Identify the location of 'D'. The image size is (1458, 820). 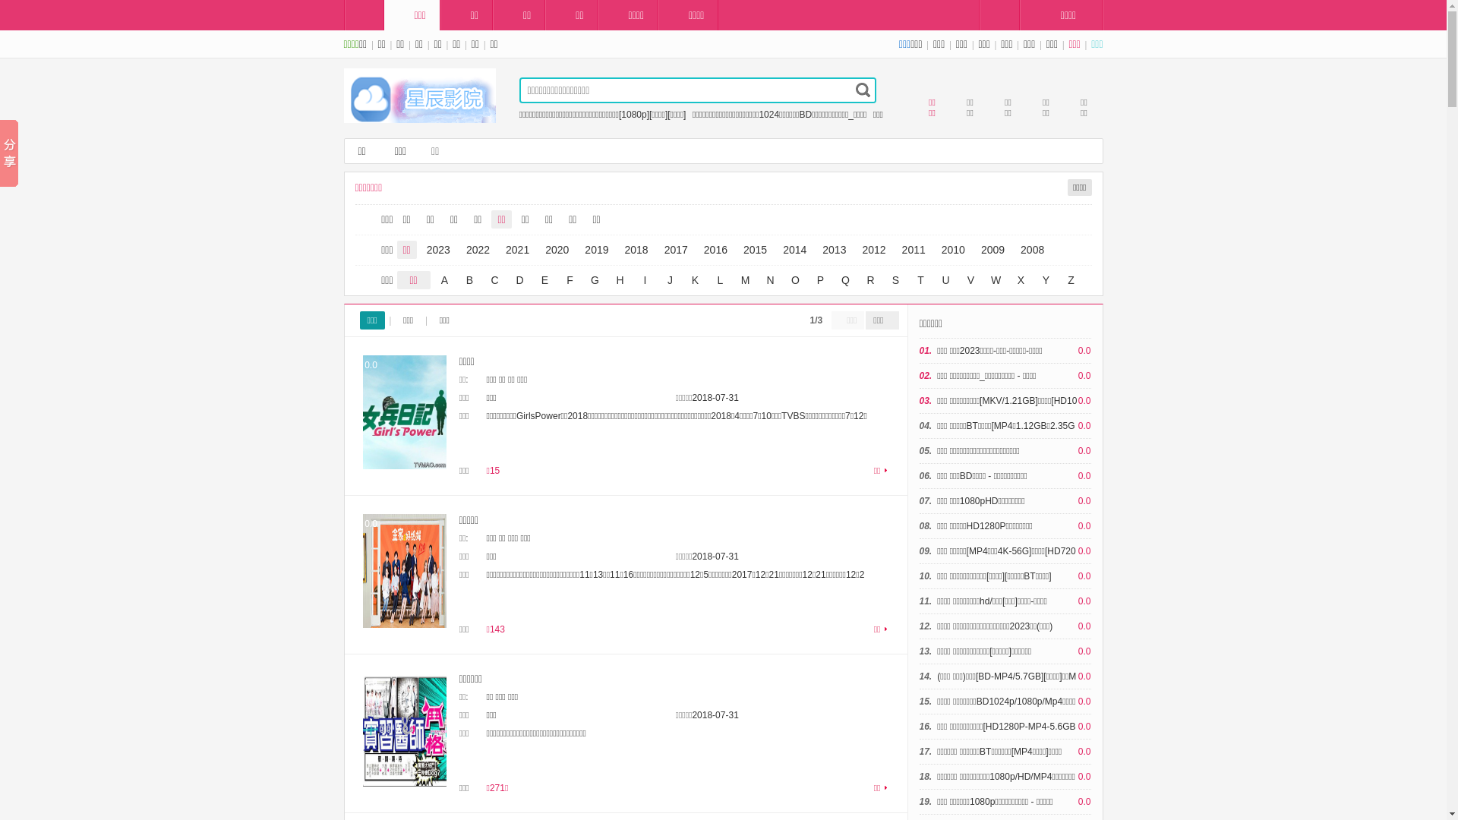
(519, 280).